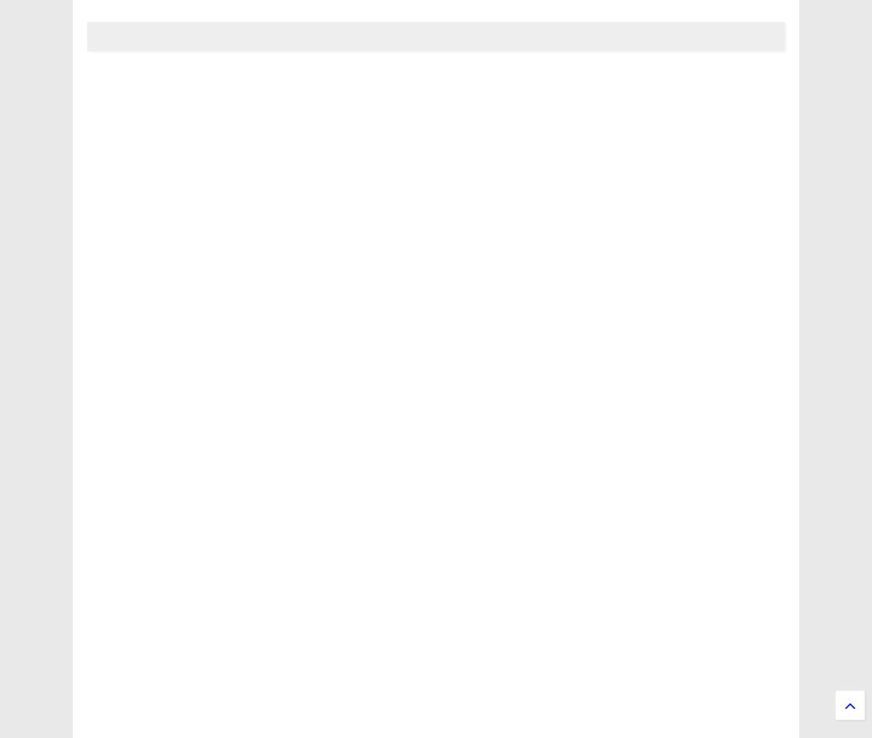 The image size is (872, 738). Describe the element at coordinates (126, 35) in the screenshot. I see `'MENU'` at that location.